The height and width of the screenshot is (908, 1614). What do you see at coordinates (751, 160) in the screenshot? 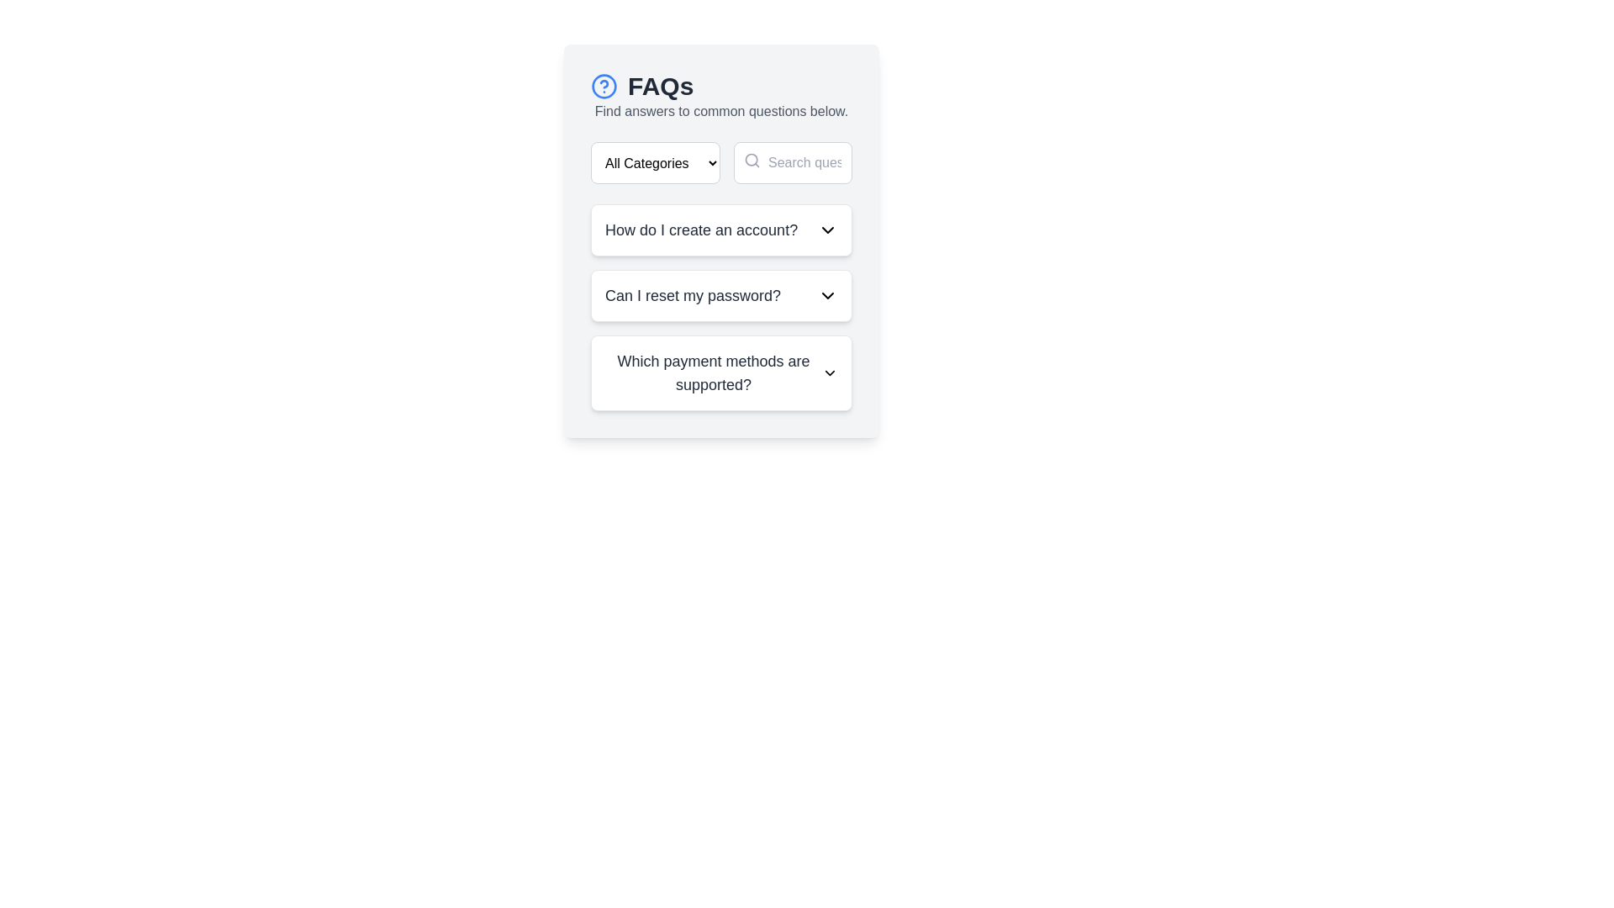
I see `the circular shape within the magnifying glass icon located to the left of the 'Search ques' text input in the 'FAQs' section of the user interface` at bounding box center [751, 160].